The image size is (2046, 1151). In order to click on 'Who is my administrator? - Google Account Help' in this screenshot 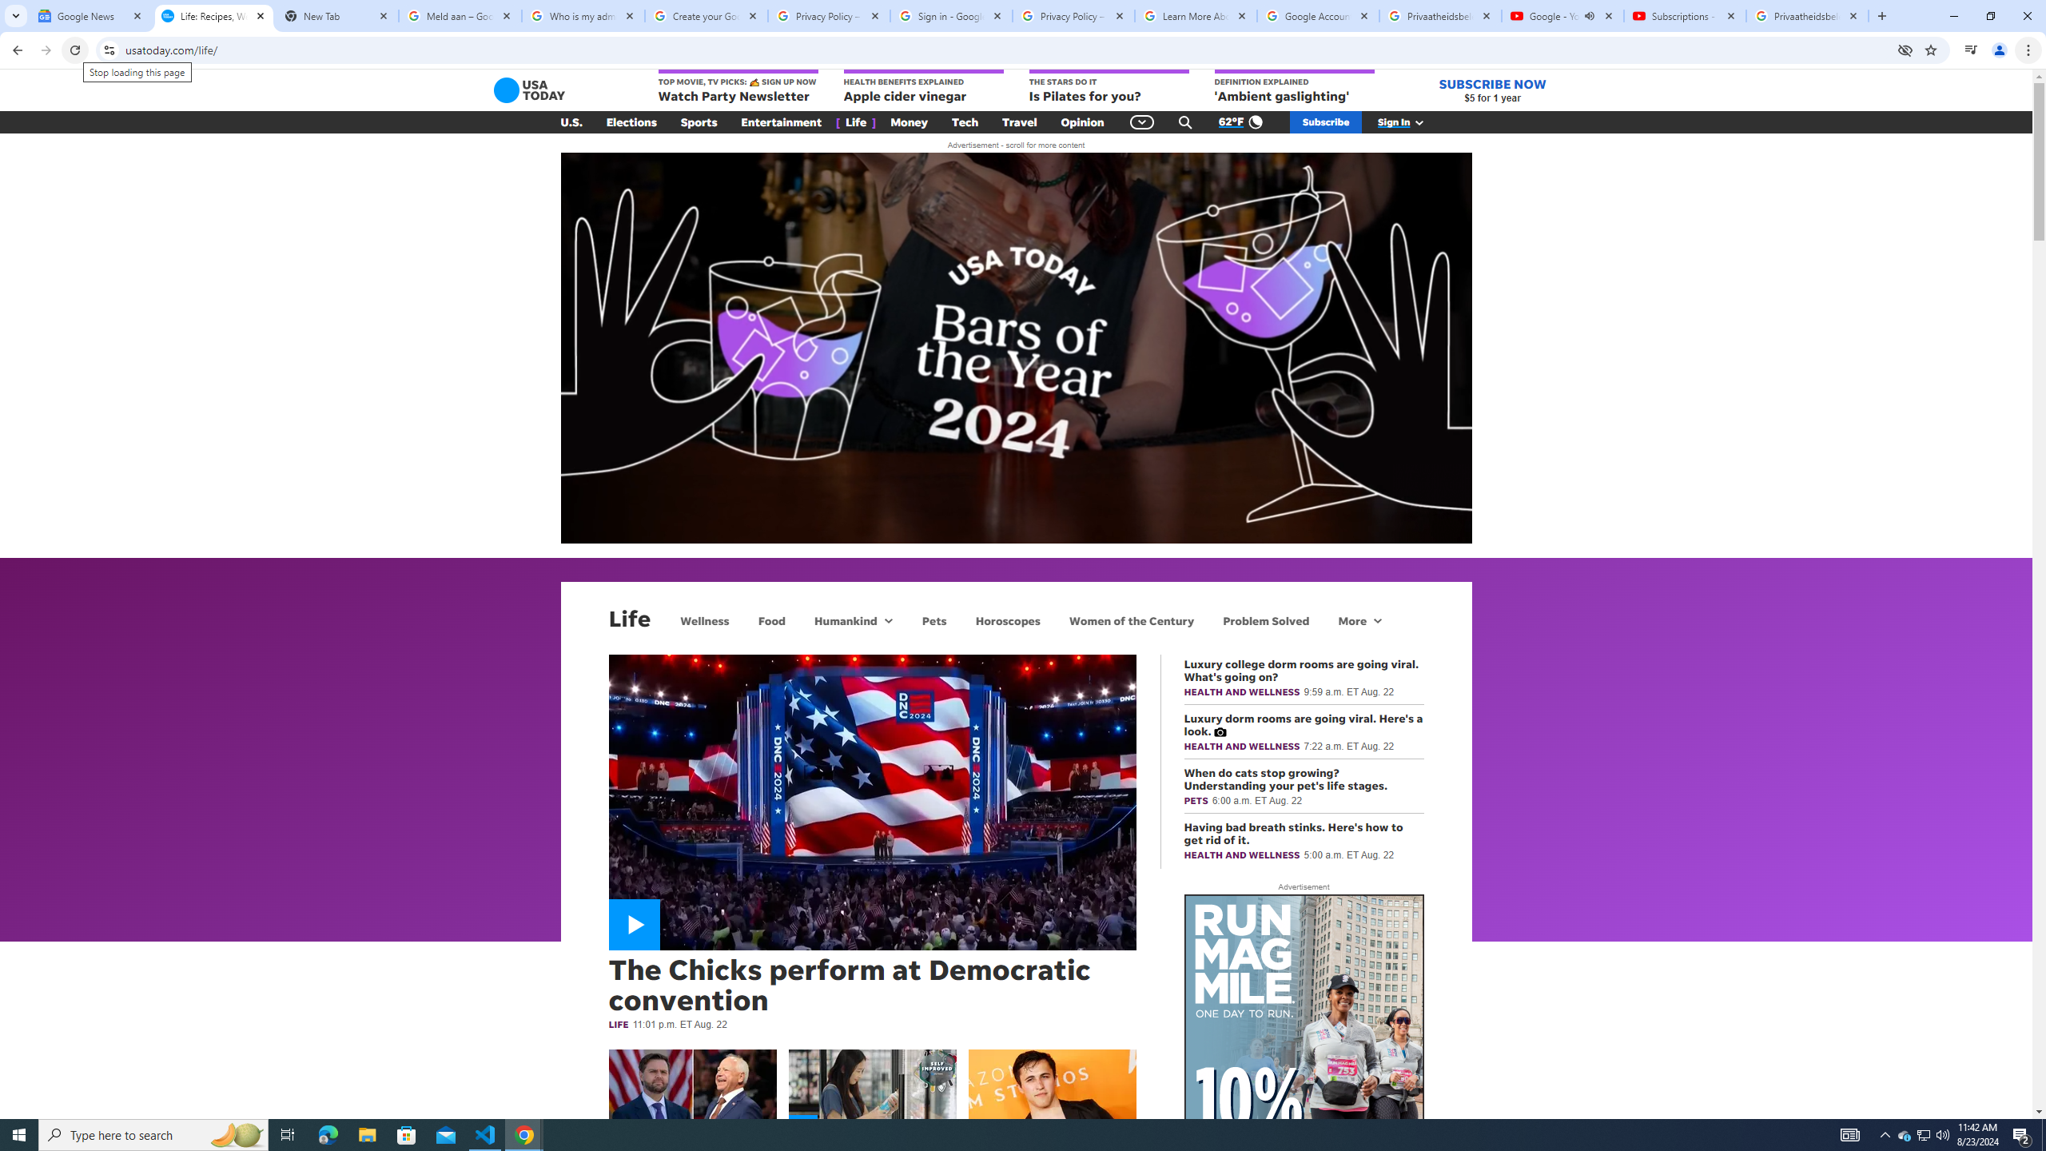, I will do `click(583, 15)`.